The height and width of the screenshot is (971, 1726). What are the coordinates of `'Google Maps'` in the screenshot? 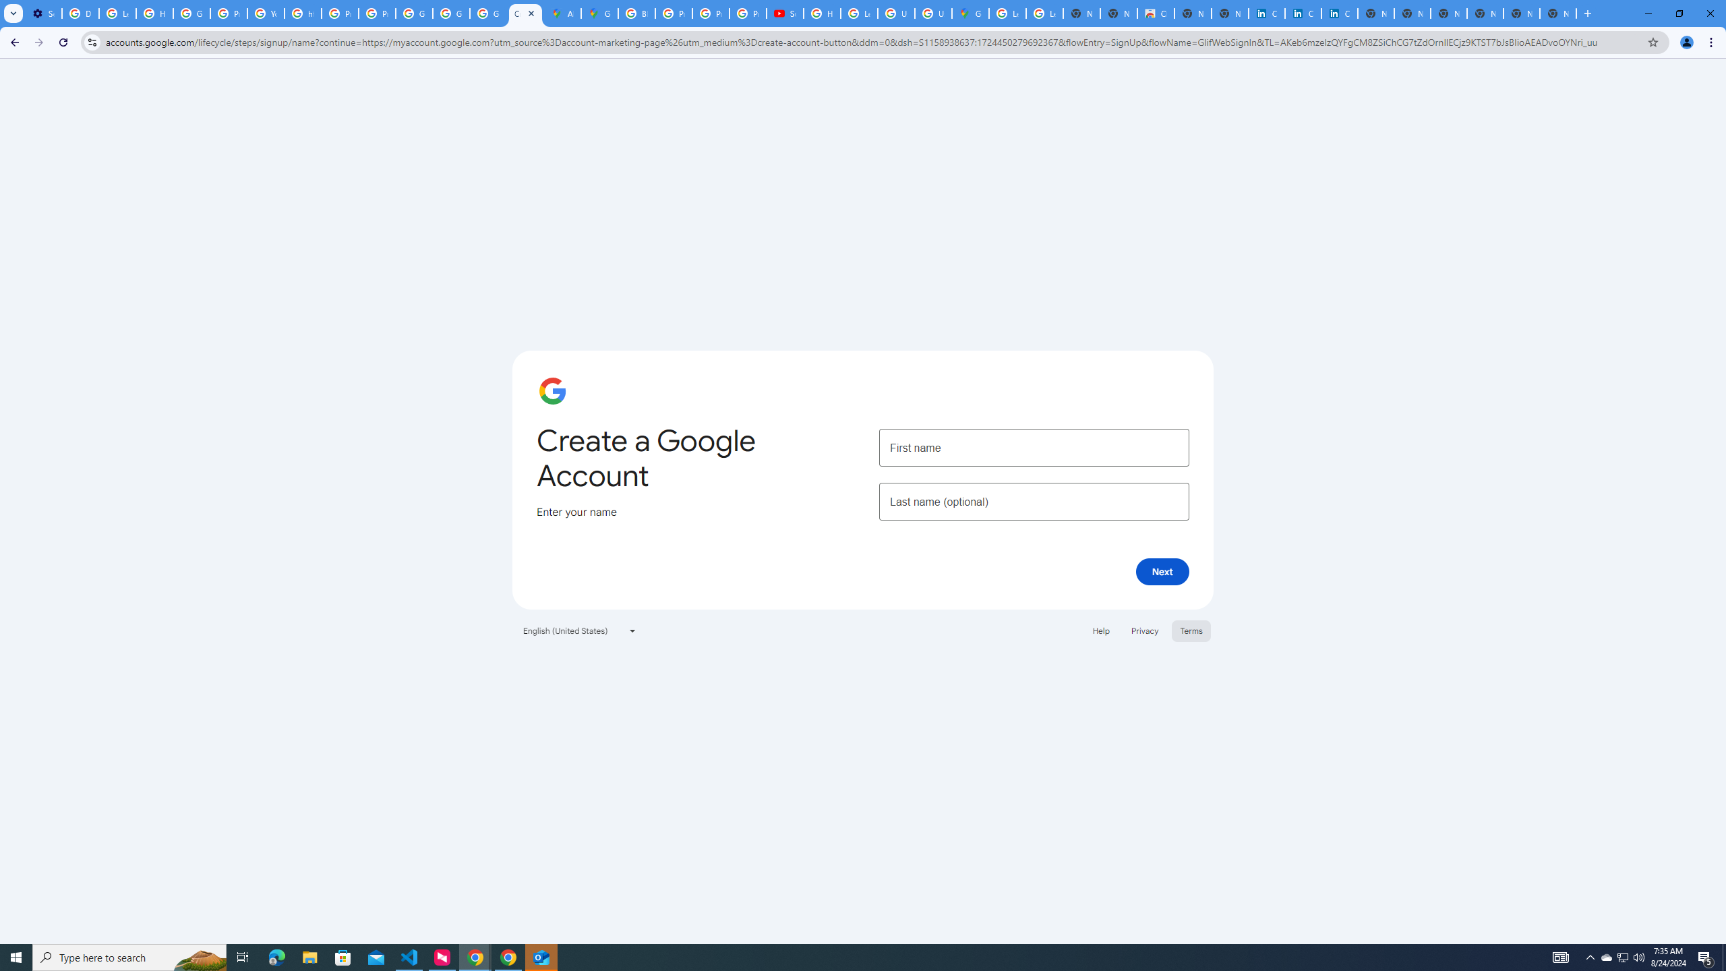 It's located at (599, 13).